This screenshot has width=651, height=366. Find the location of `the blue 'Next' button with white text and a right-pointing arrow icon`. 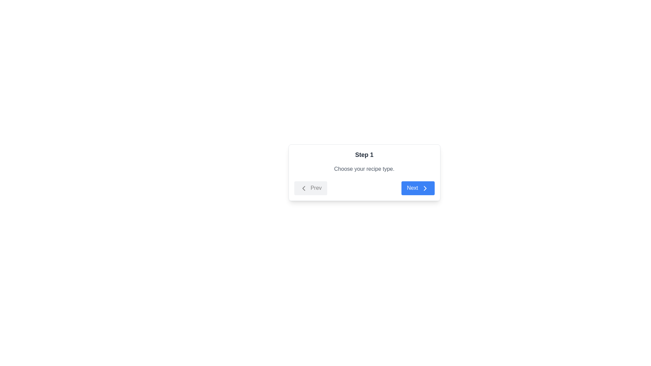

the blue 'Next' button with white text and a right-pointing arrow icon is located at coordinates (417, 188).